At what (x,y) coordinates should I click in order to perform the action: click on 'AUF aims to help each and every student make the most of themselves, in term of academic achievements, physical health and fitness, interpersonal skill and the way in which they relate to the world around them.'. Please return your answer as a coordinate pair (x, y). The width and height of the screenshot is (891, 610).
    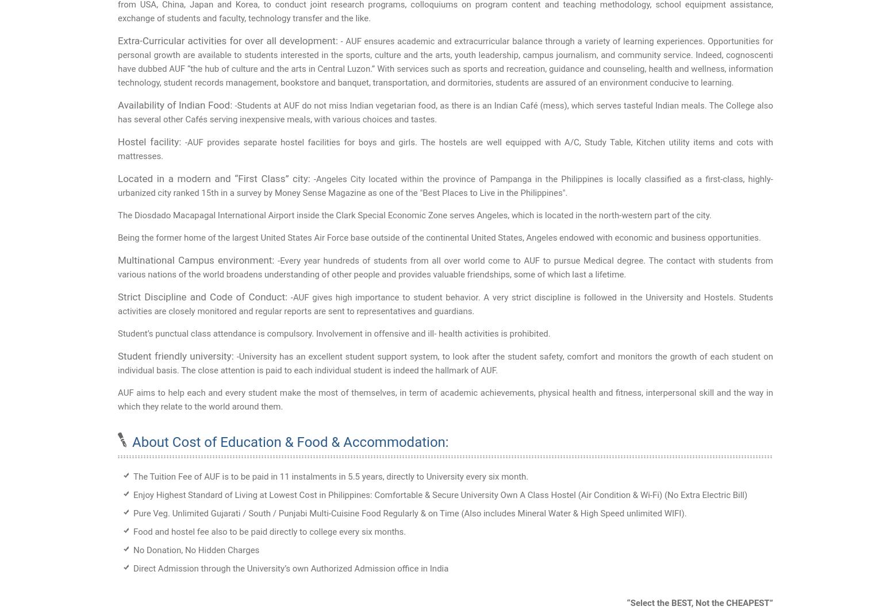
    Looking at the image, I should click on (445, 399).